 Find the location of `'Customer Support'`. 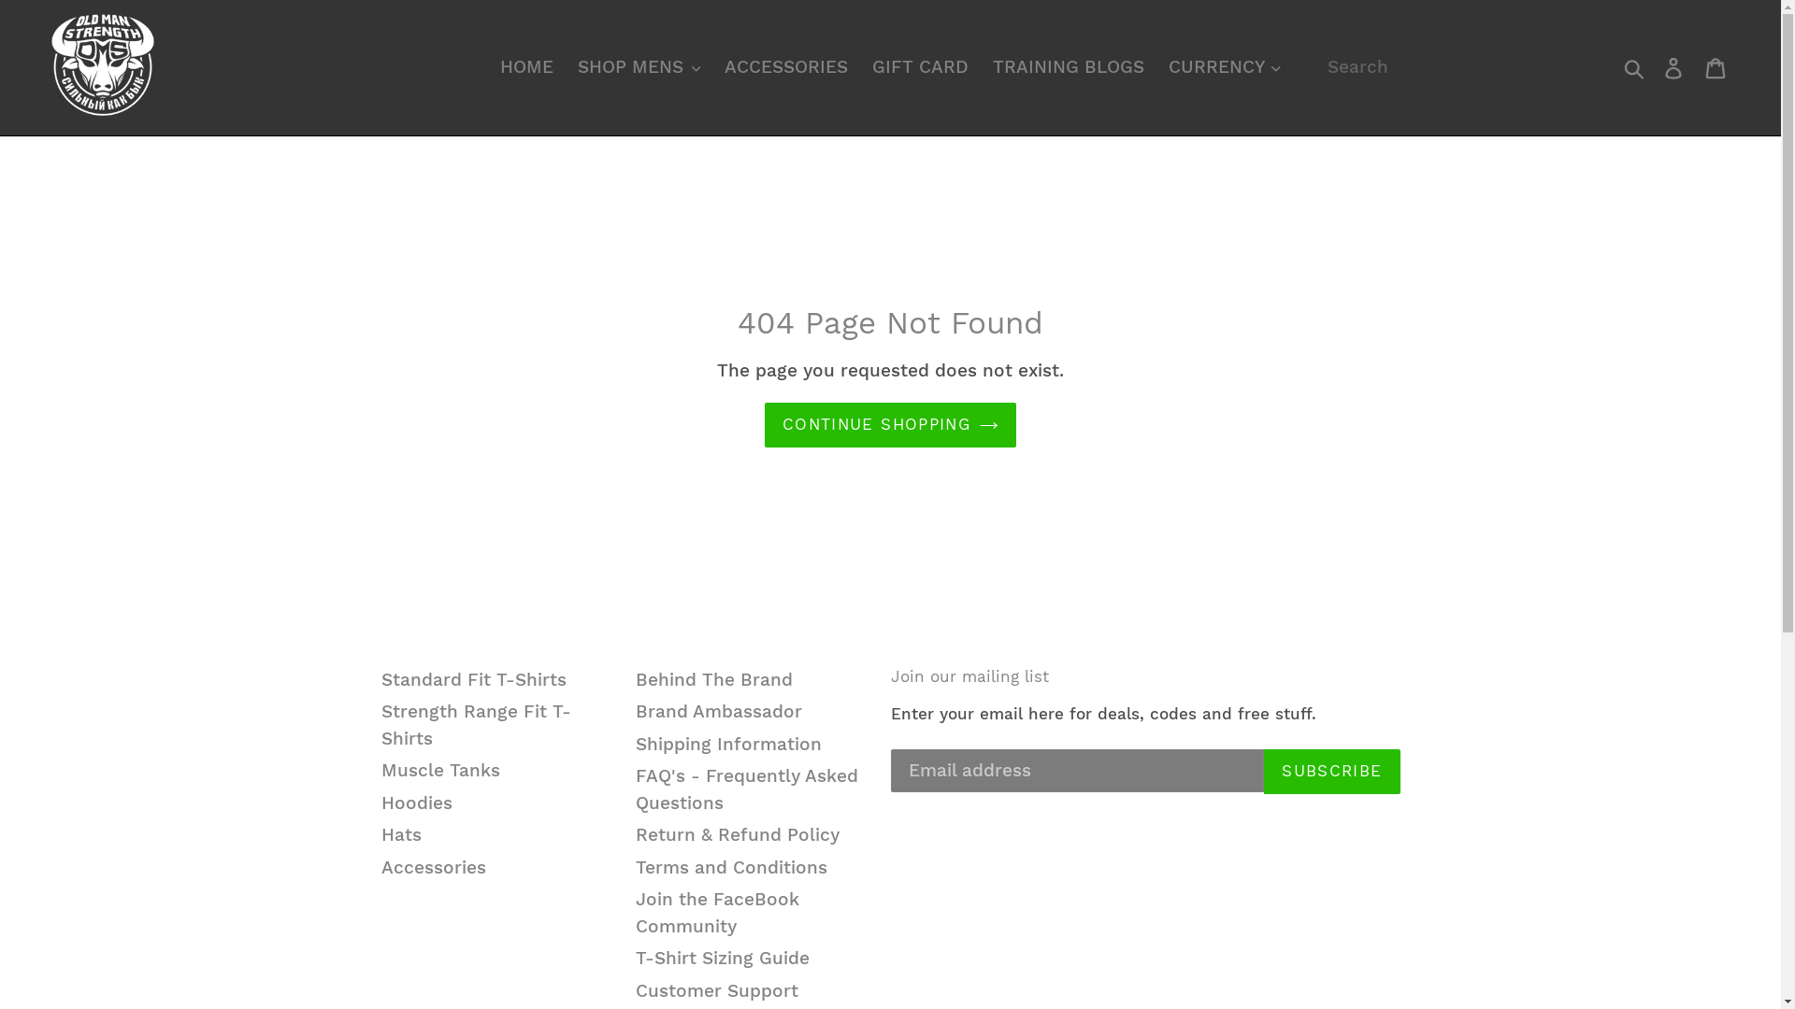

'Customer Support' is located at coordinates (716, 989).